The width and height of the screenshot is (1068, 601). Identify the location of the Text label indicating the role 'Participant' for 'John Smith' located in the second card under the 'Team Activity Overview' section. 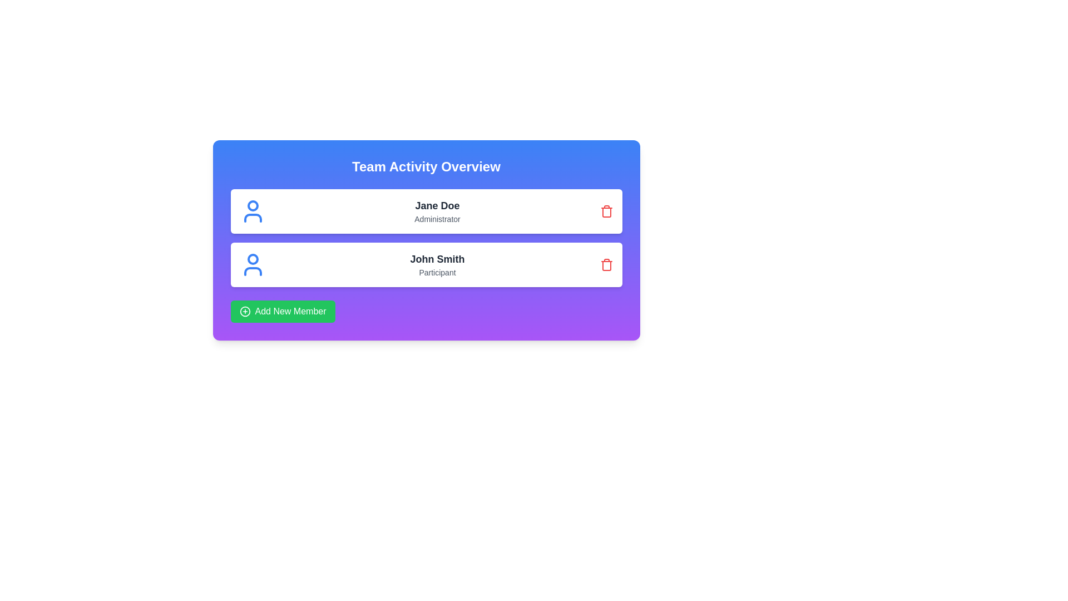
(437, 272).